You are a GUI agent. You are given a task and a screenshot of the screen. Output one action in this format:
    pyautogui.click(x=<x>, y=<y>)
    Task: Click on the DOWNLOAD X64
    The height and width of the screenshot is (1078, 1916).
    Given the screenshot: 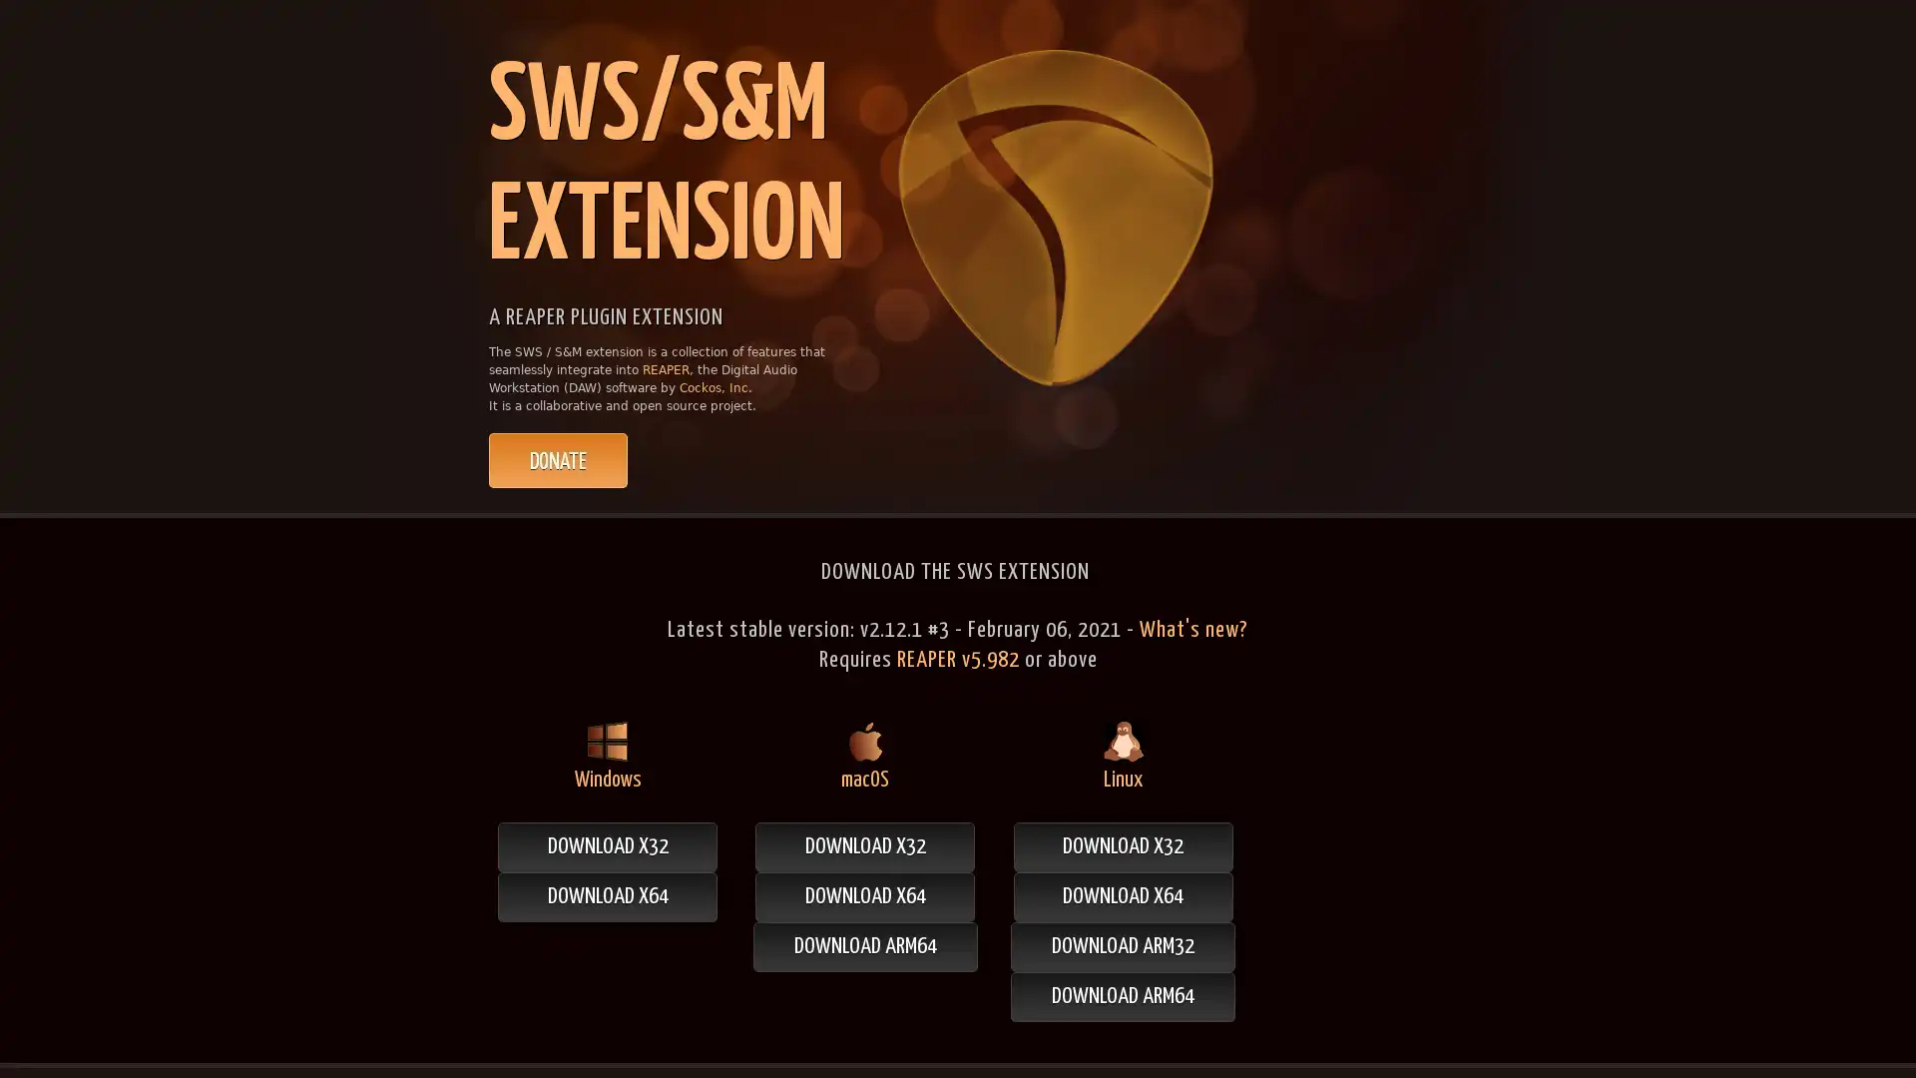 What is the action you would take?
    pyautogui.click(x=958, y=895)
    